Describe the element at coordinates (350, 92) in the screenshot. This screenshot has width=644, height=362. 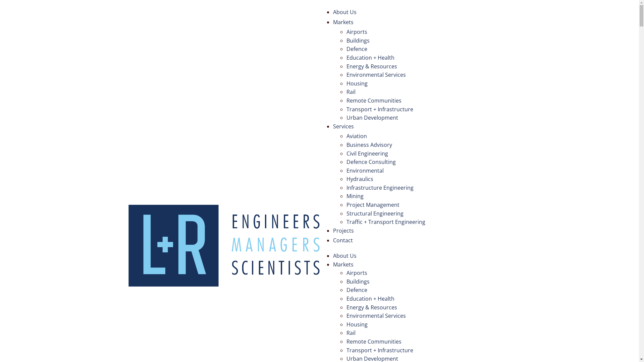
I see `'Rail'` at that location.